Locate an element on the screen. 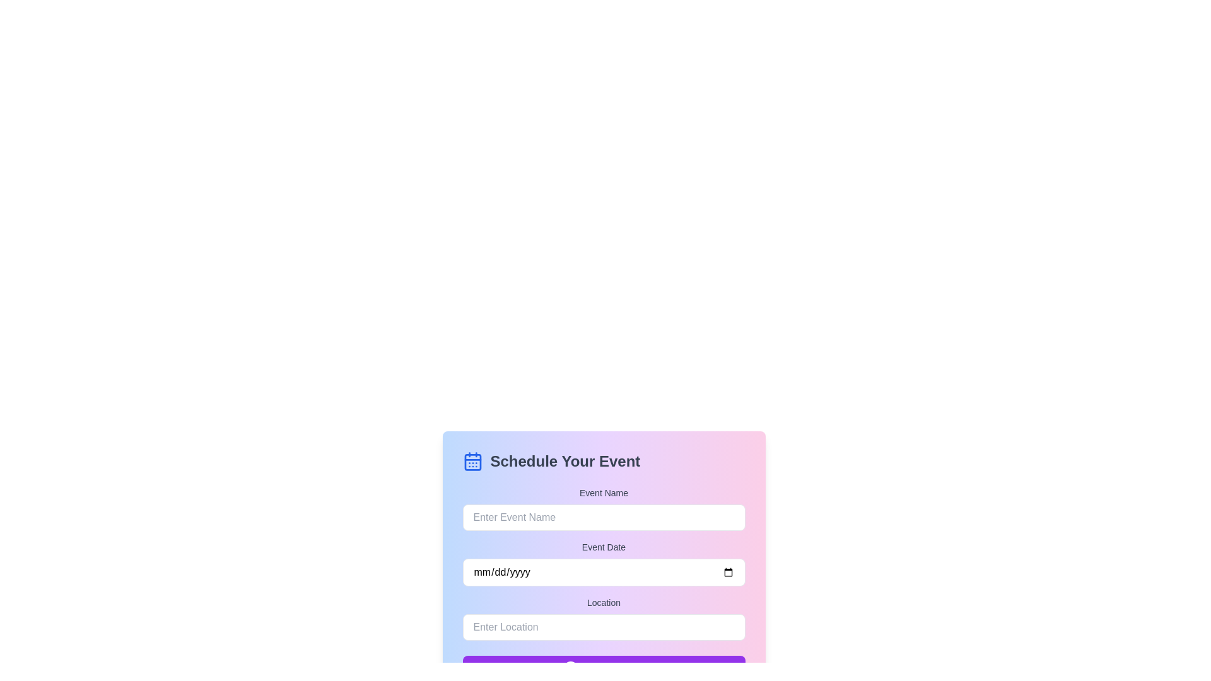 Image resolution: width=1211 pixels, height=681 pixels. the 'Location' text input field is located at coordinates (603, 617).